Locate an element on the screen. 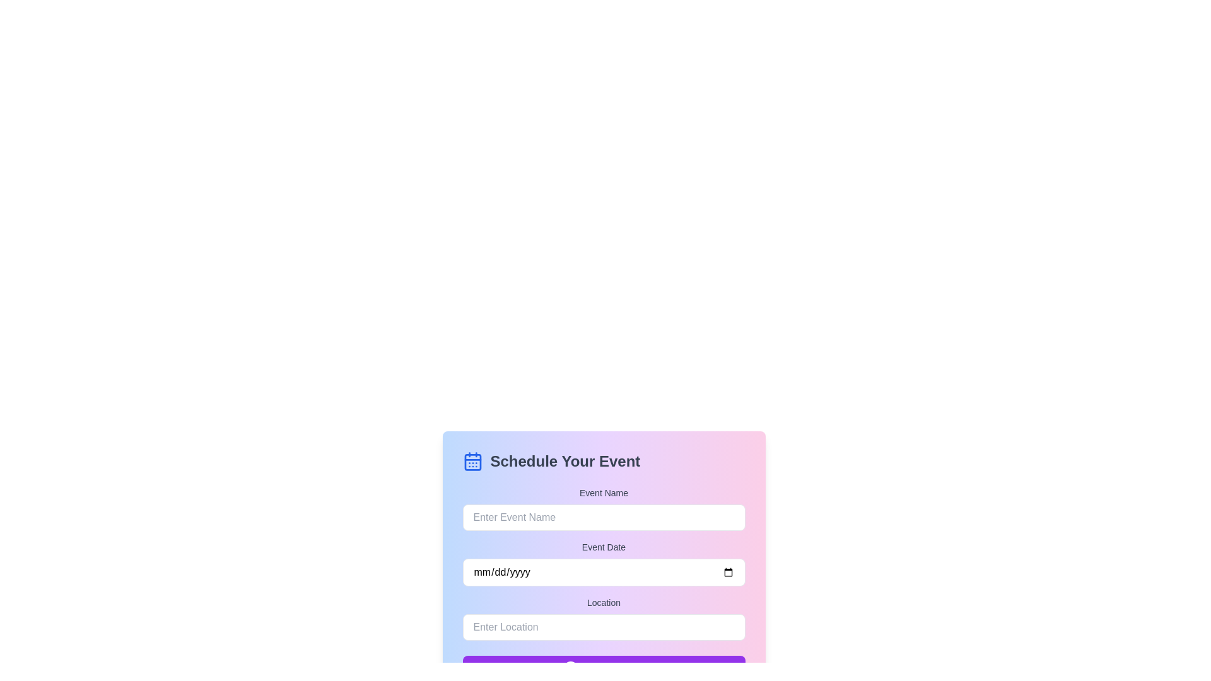 Image resolution: width=1211 pixels, height=681 pixels. the 'Location' text input field is located at coordinates (603, 617).